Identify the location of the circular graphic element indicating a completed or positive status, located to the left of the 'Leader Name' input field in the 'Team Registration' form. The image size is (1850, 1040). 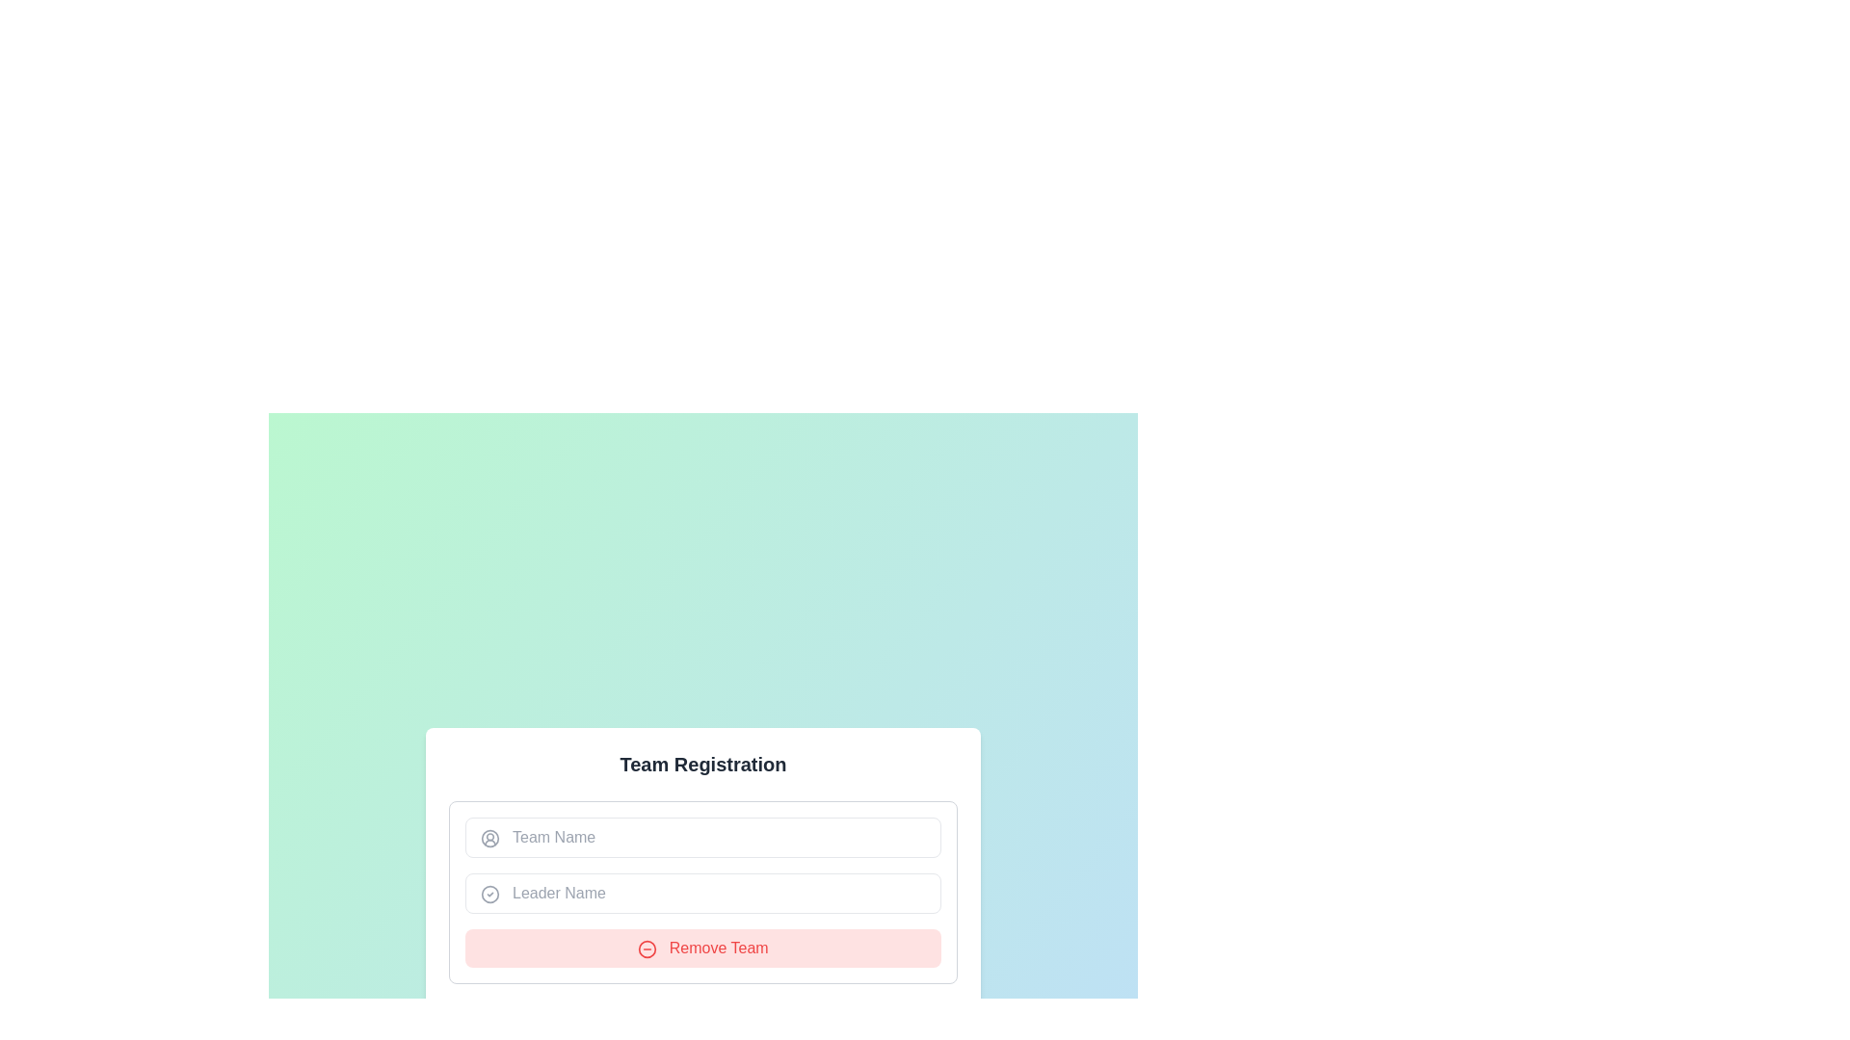
(489, 895).